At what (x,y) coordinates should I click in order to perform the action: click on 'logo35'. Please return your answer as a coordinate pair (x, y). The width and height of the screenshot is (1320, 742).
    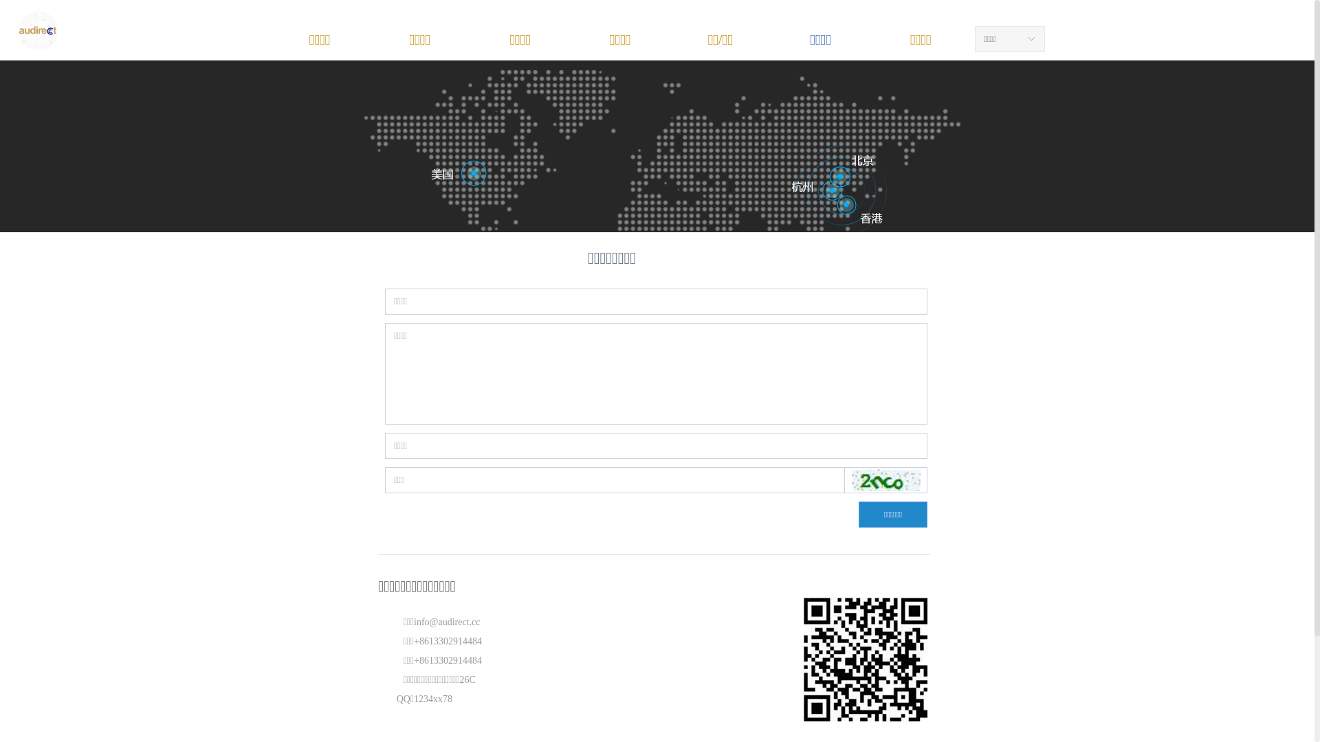
    Looking at the image, I should click on (38, 31).